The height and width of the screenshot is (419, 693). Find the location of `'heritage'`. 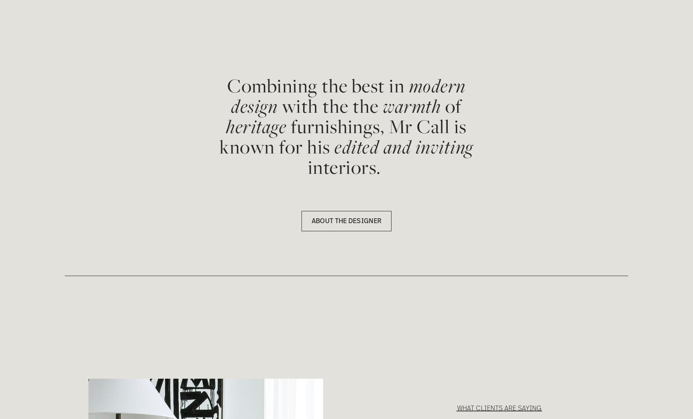

'heritage' is located at coordinates (256, 126).